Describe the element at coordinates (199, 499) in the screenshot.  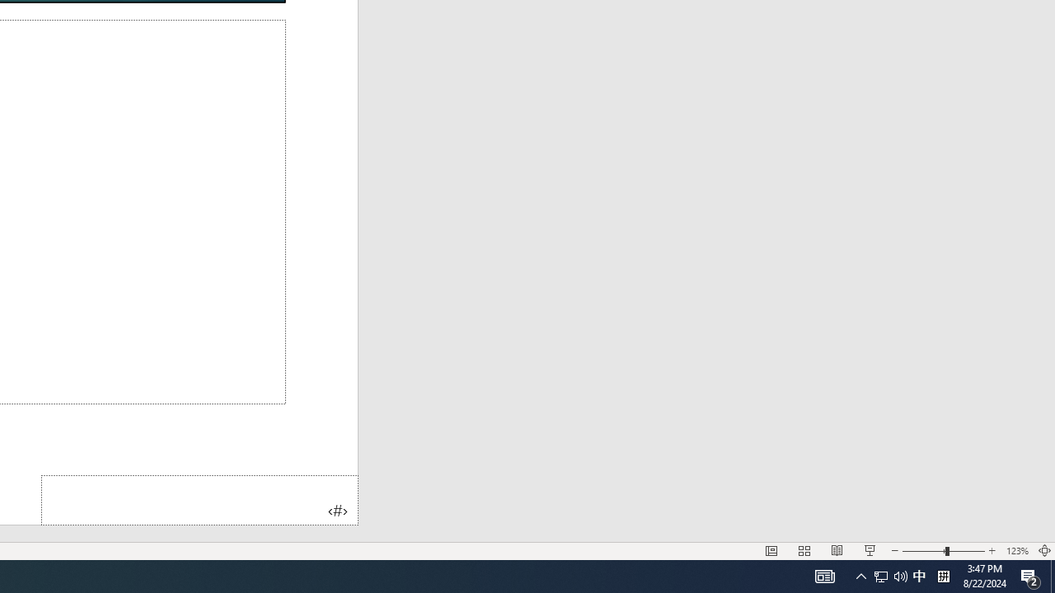
I see `'Page Number'` at that location.